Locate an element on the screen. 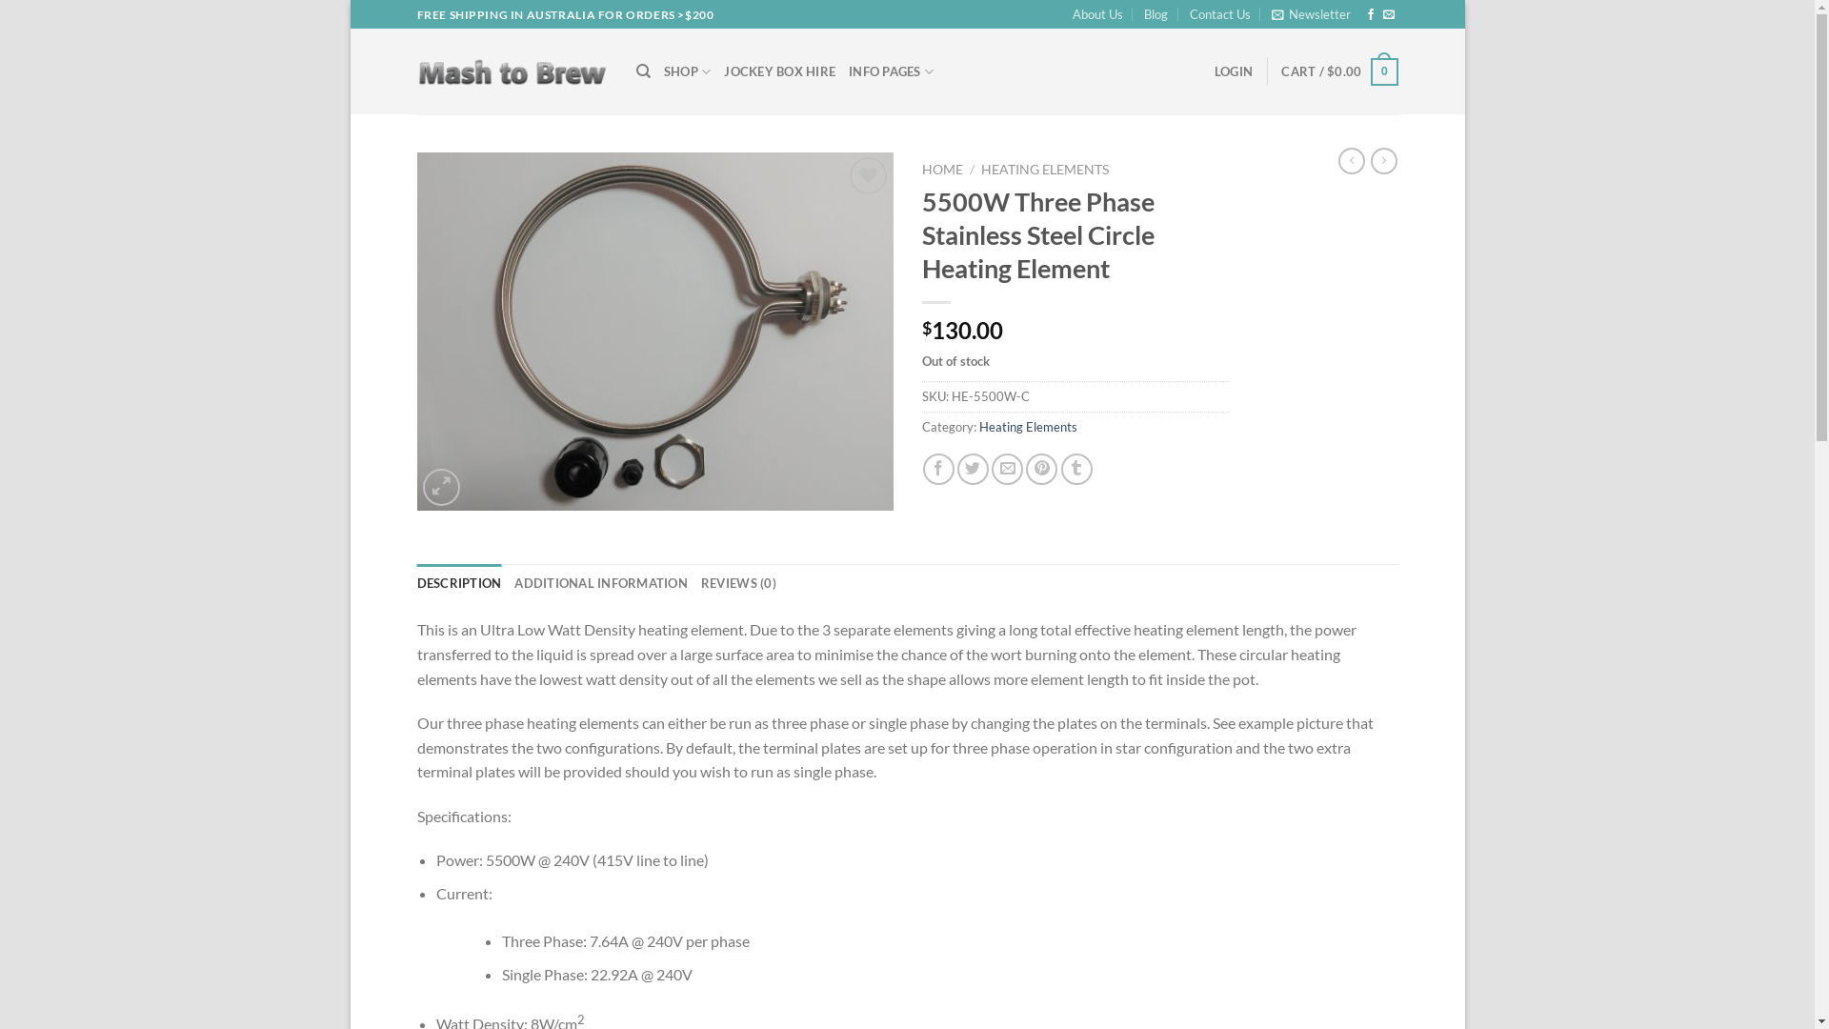 Image resolution: width=1829 pixels, height=1029 pixels. '5500W Three Phase Stainless Steel Circle Heating Element' is located at coordinates (654, 330).